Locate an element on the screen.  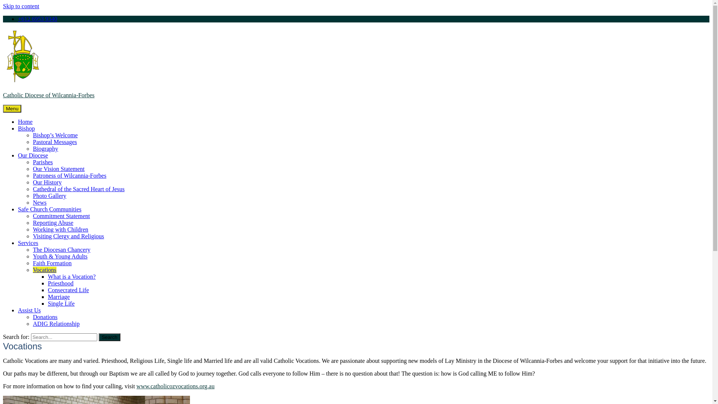
'www.catholicozvocations.org.au' is located at coordinates (175, 386).